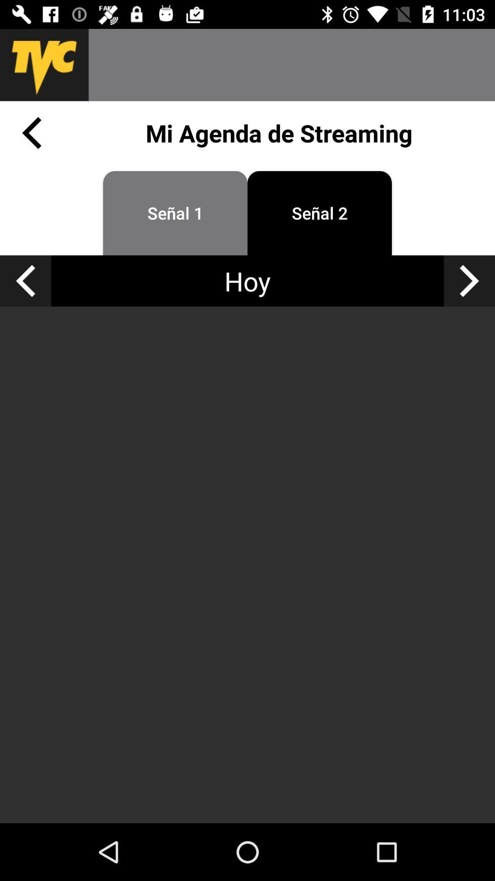 This screenshot has height=881, width=495. What do you see at coordinates (25, 280) in the screenshot?
I see `yesterday 's agenda` at bounding box center [25, 280].